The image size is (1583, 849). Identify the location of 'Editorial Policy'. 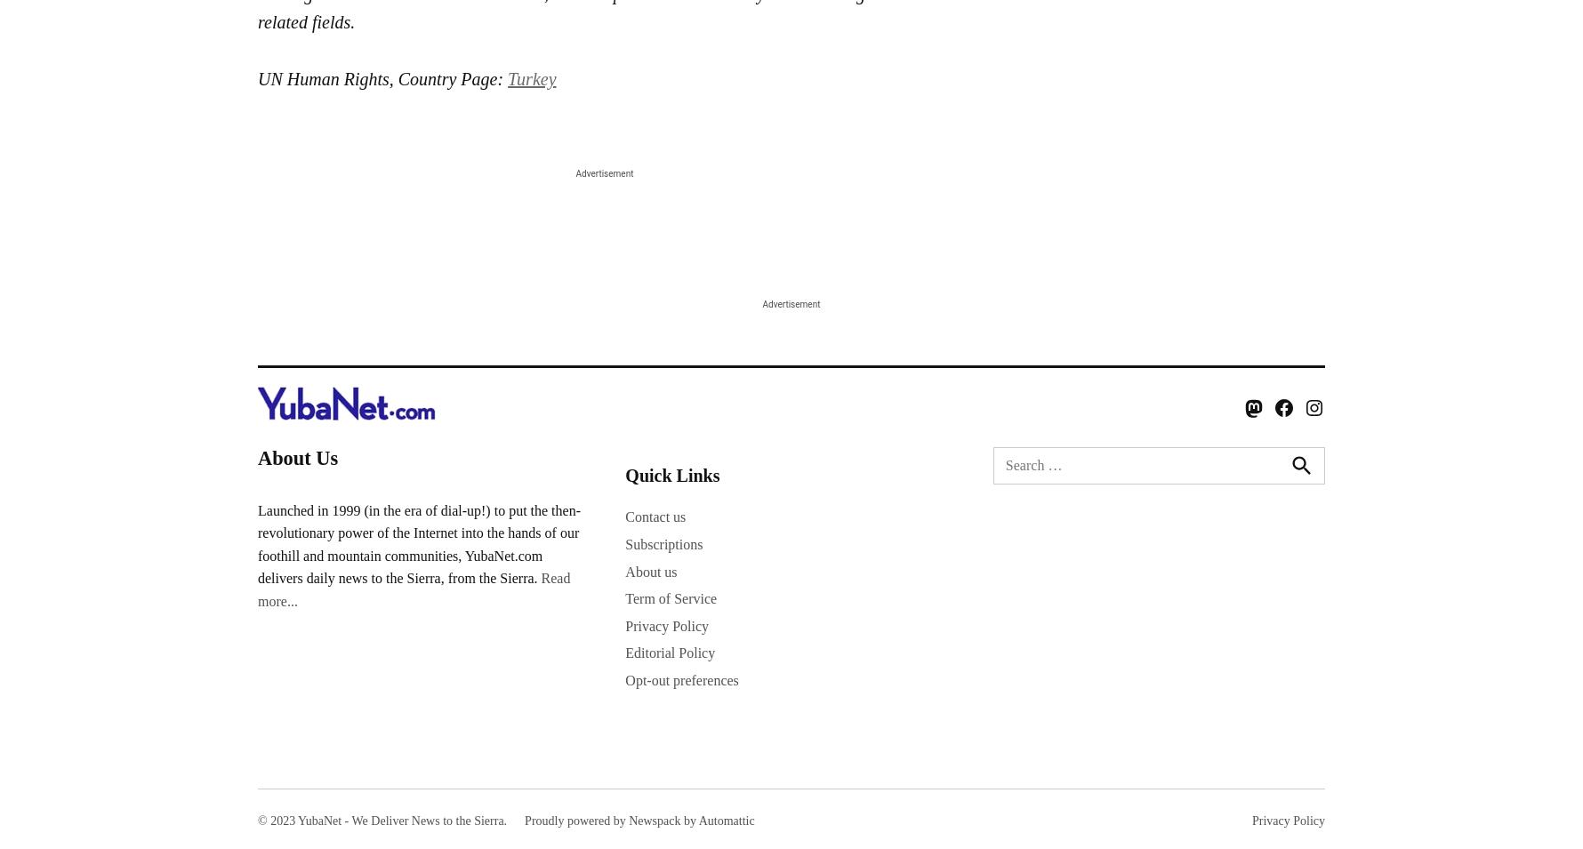
(670, 652).